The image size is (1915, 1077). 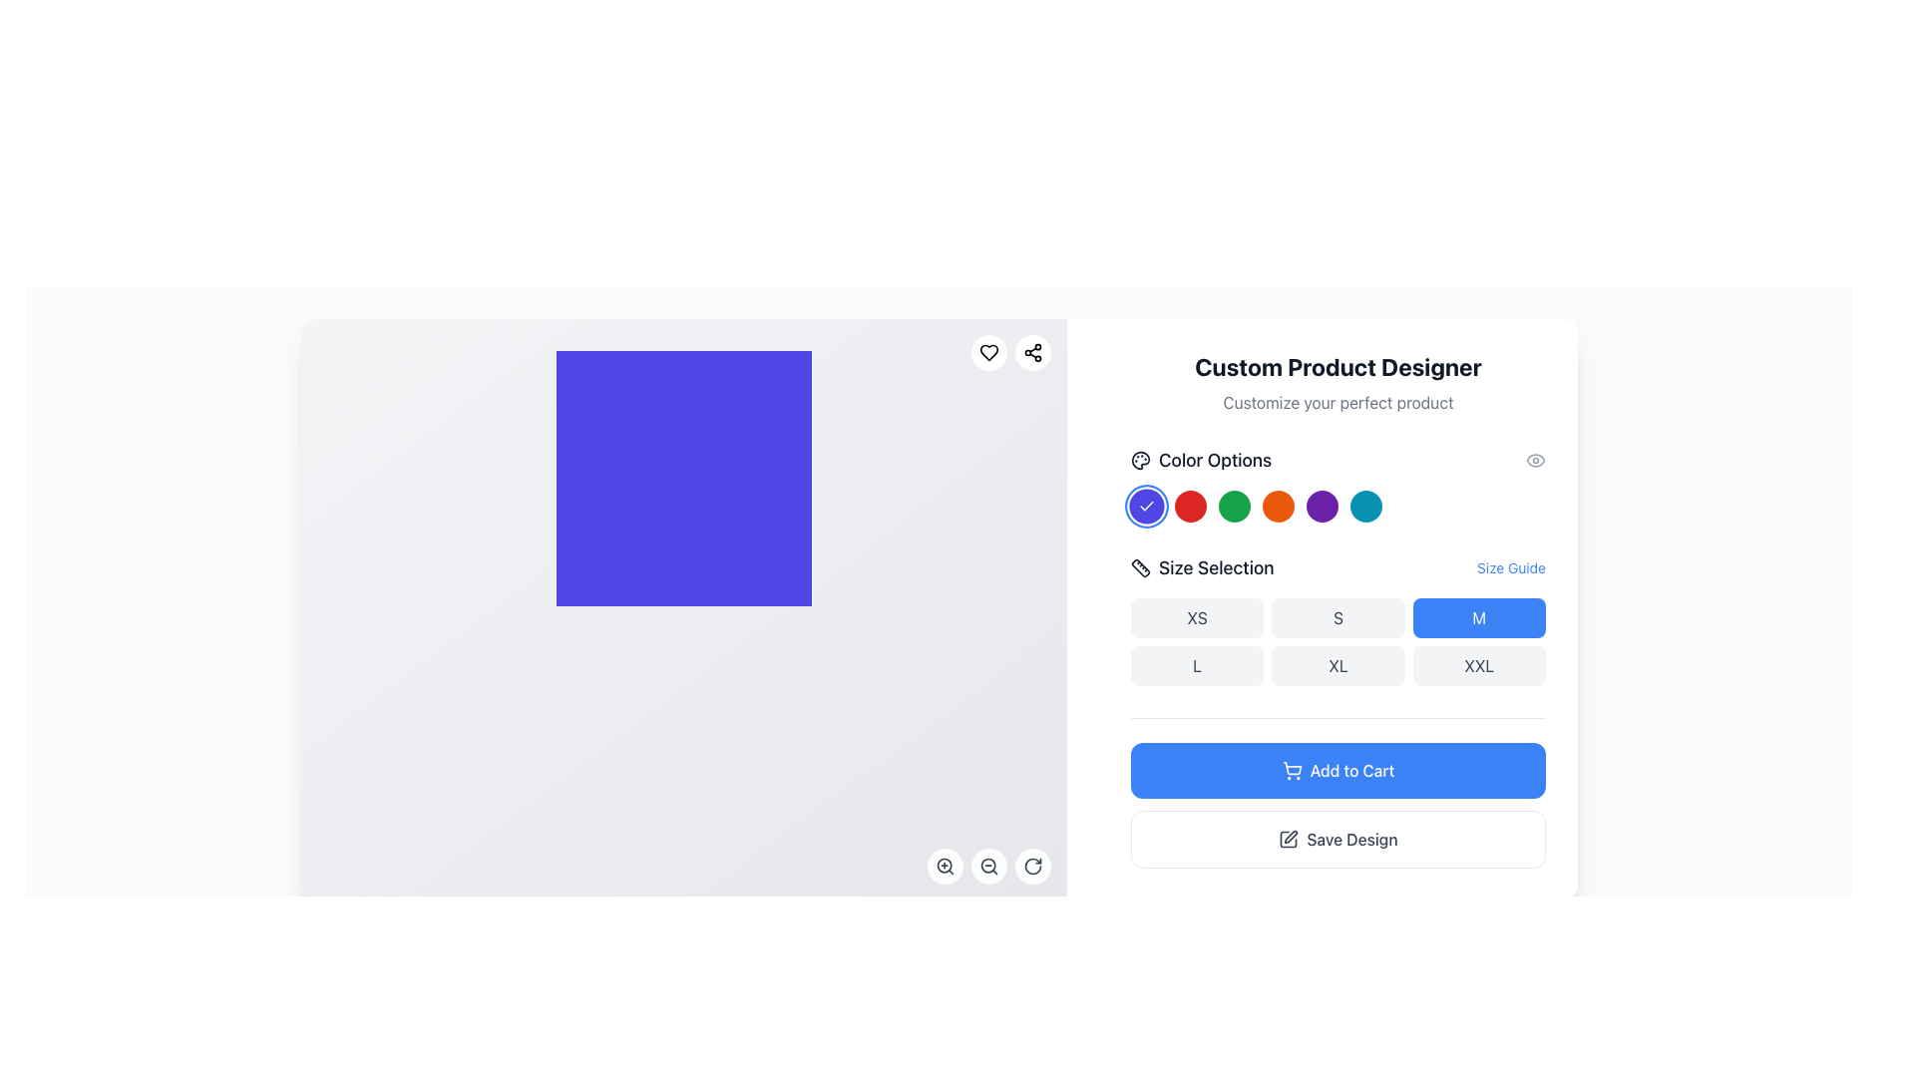 I want to click on the 'Size Selection' heading, which features dark gray text and a ruler icon, located in the right-side panel below 'Color Options', so click(x=1201, y=568).